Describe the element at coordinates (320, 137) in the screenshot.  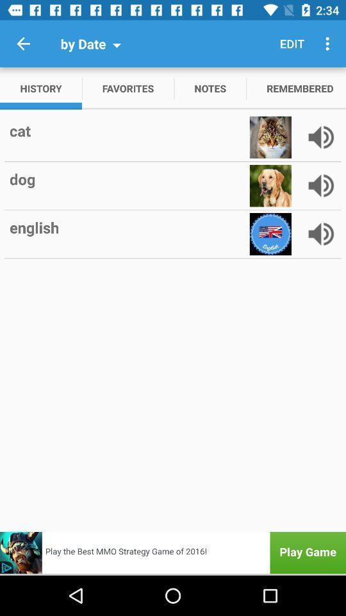
I see `sound` at that location.